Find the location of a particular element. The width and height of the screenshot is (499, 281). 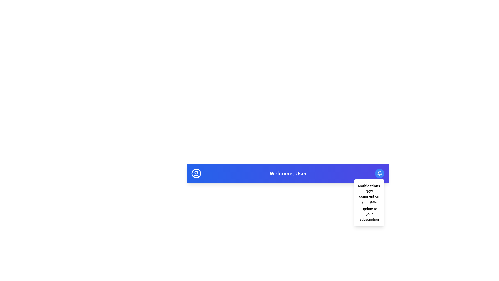

the Label (Text Display) located within the notifications dropdown panel in the upper-right corner, positioned below the header 'Notifications' is located at coordinates (369, 205).